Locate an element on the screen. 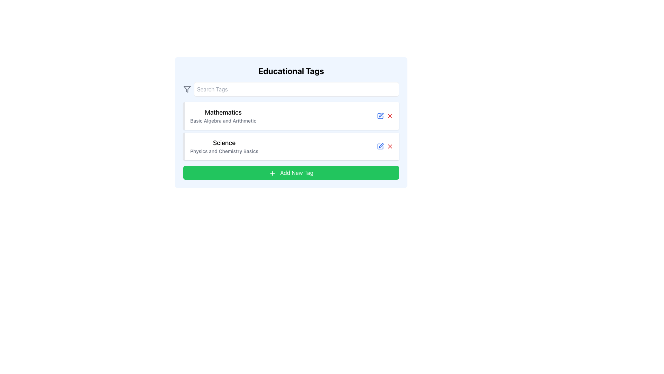 The width and height of the screenshot is (664, 374). the delete button located to the right of the 'Edit' icon, which is the second icon in the action buttons row for the 'Mathematics' tag entry is located at coordinates (390, 116).